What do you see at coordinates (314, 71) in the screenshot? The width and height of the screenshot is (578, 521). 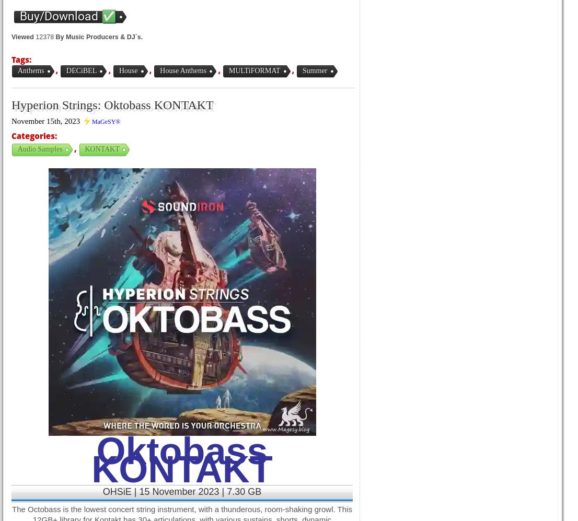 I see `'Summer'` at bounding box center [314, 71].